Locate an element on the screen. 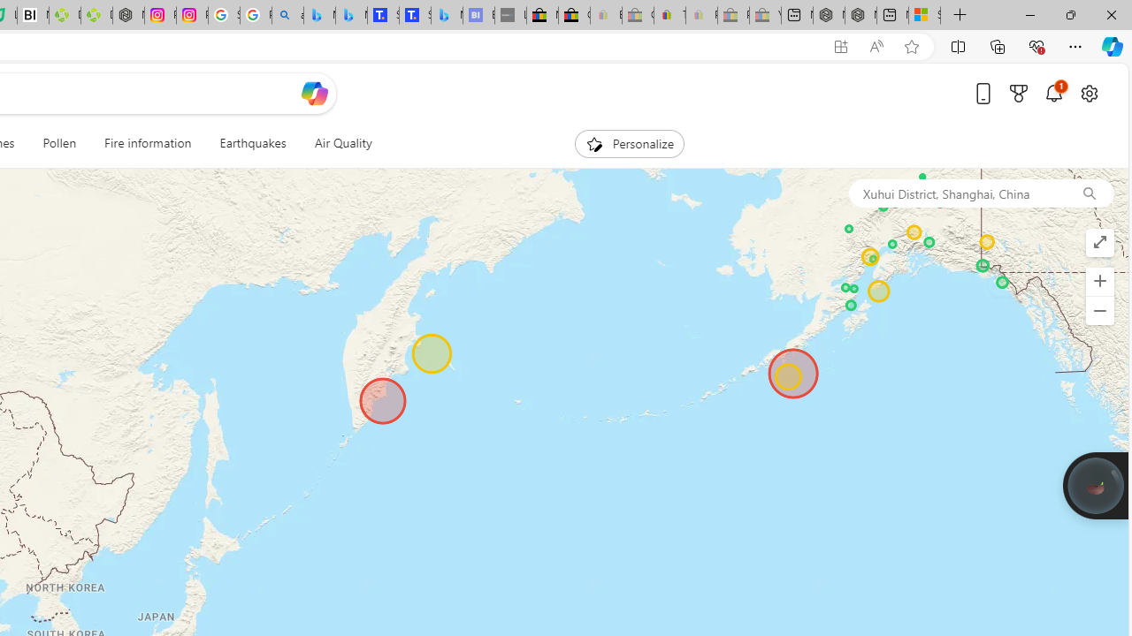 The height and width of the screenshot is (636, 1132). 'Press Room - eBay Inc. - Sleeping' is located at coordinates (733, 15).